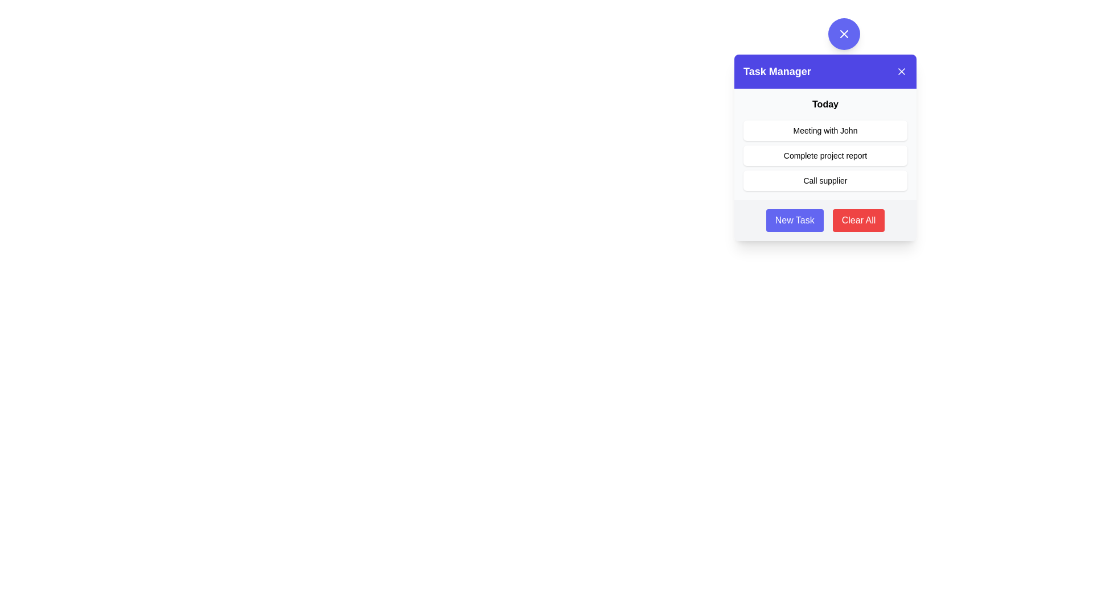  Describe the element at coordinates (825, 155) in the screenshot. I see `the text label 'Complete project report' within the Task Manager interface` at that location.